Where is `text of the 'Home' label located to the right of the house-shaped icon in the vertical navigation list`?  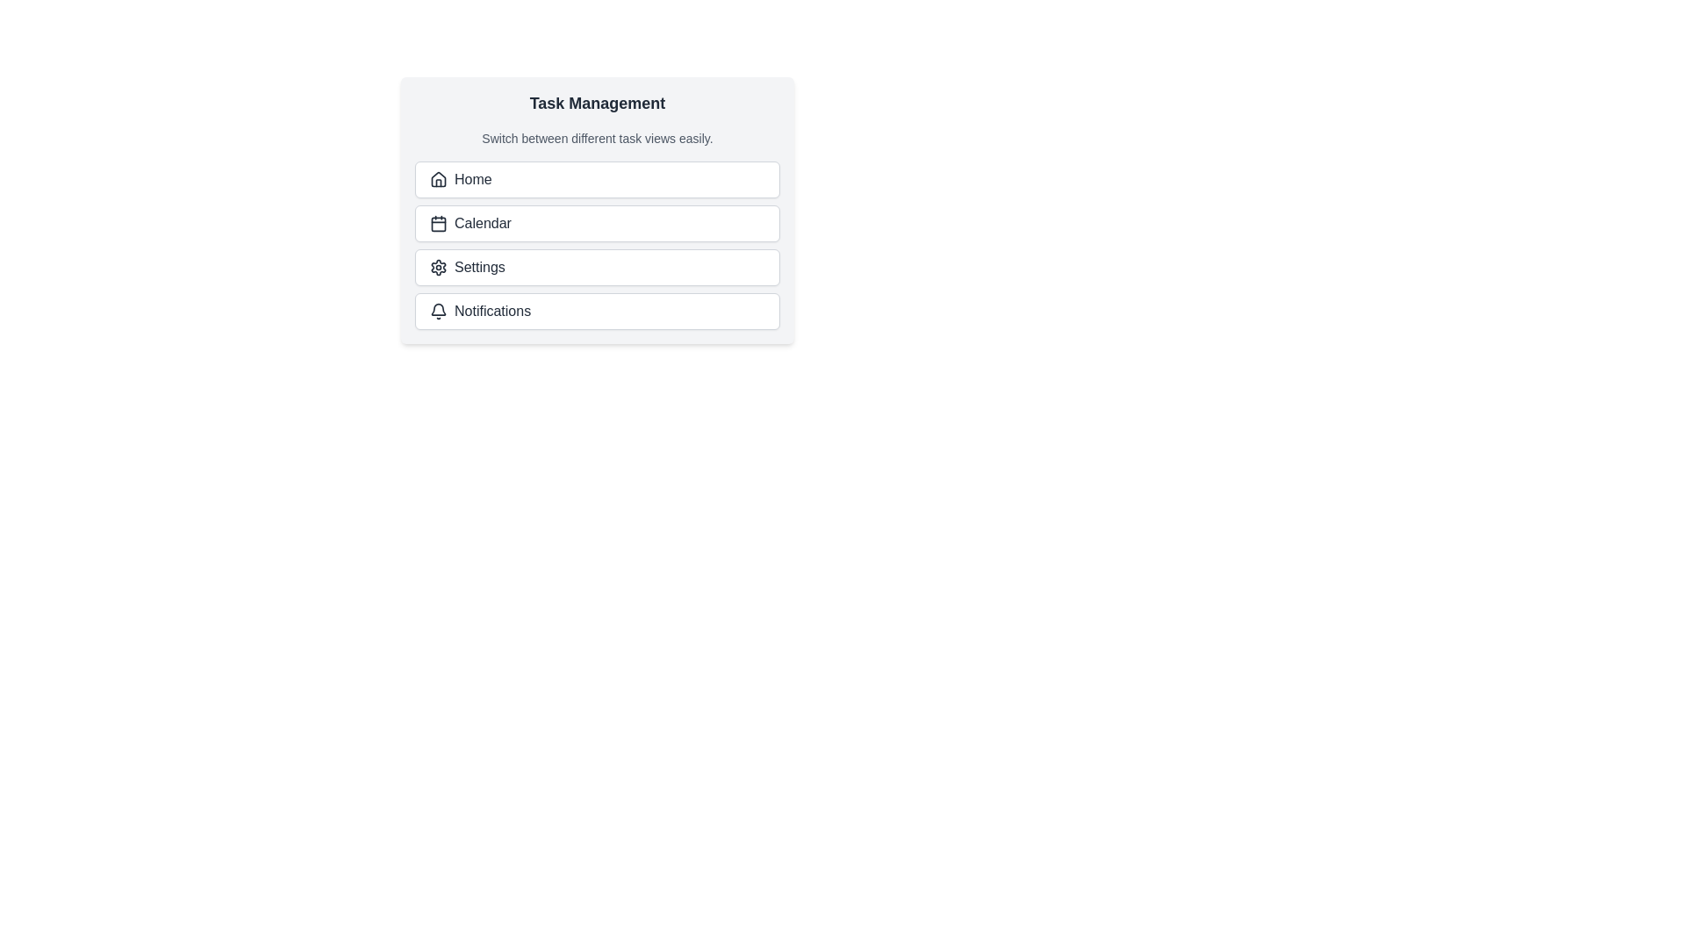
text of the 'Home' label located to the right of the house-shaped icon in the vertical navigation list is located at coordinates (473, 179).